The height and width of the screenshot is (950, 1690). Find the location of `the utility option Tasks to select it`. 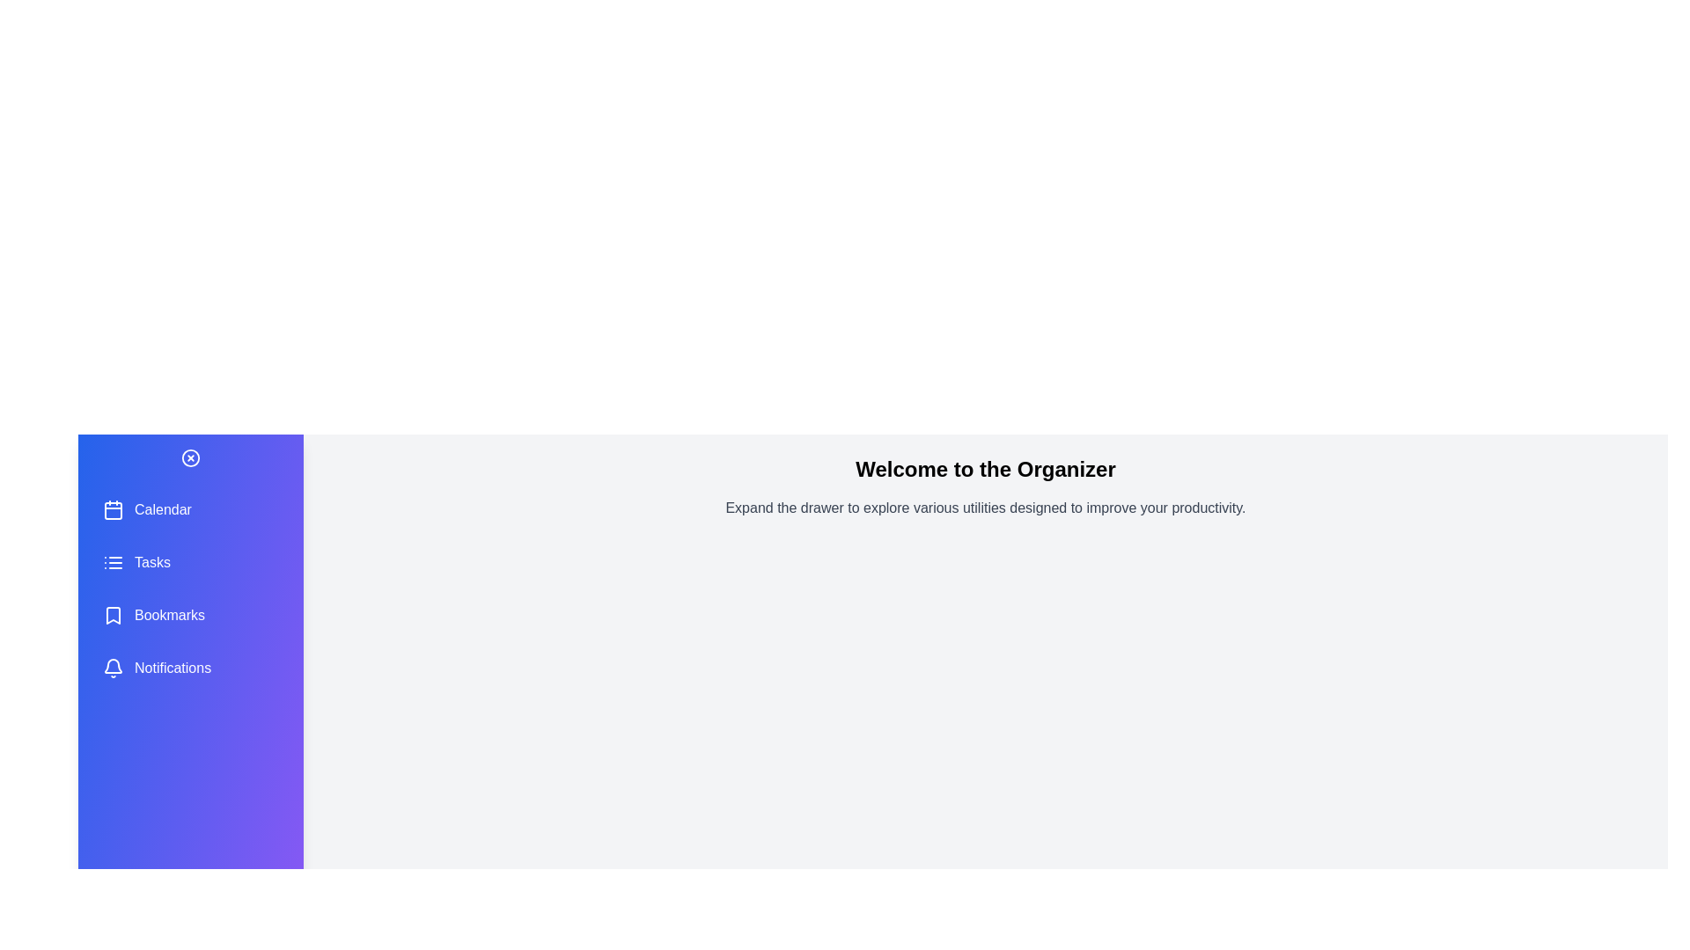

the utility option Tasks to select it is located at coordinates (190, 563).